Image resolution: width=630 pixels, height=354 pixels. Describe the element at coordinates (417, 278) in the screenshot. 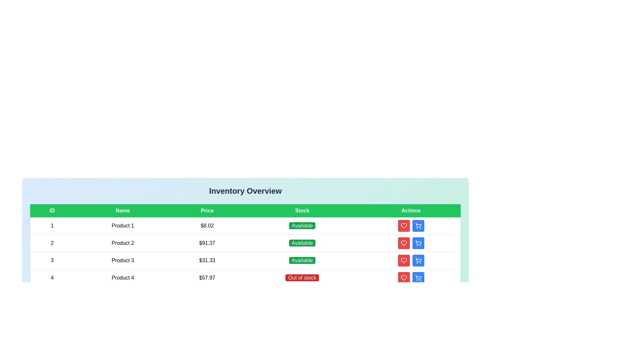

I see `'Add to Cart' button for the product with ID 4` at that location.